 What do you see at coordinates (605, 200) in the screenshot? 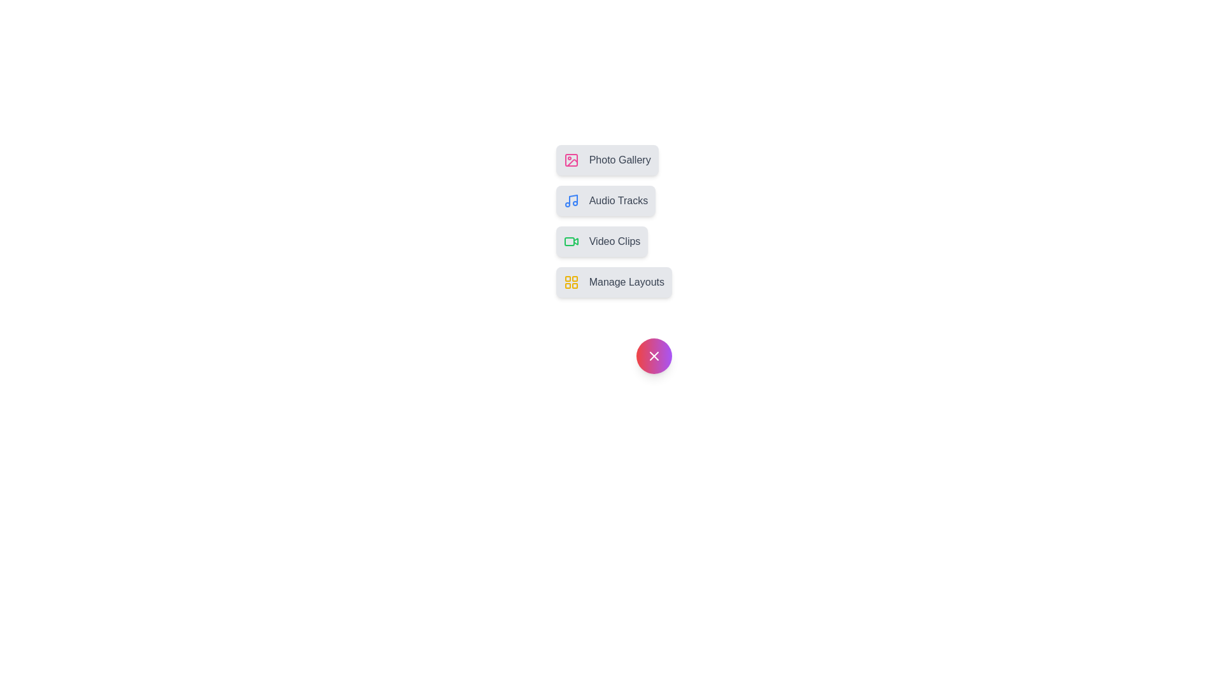
I see `the navigation button located below the 'Photo Gallery' button and above the 'Video Clips' button` at bounding box center [605, 200].